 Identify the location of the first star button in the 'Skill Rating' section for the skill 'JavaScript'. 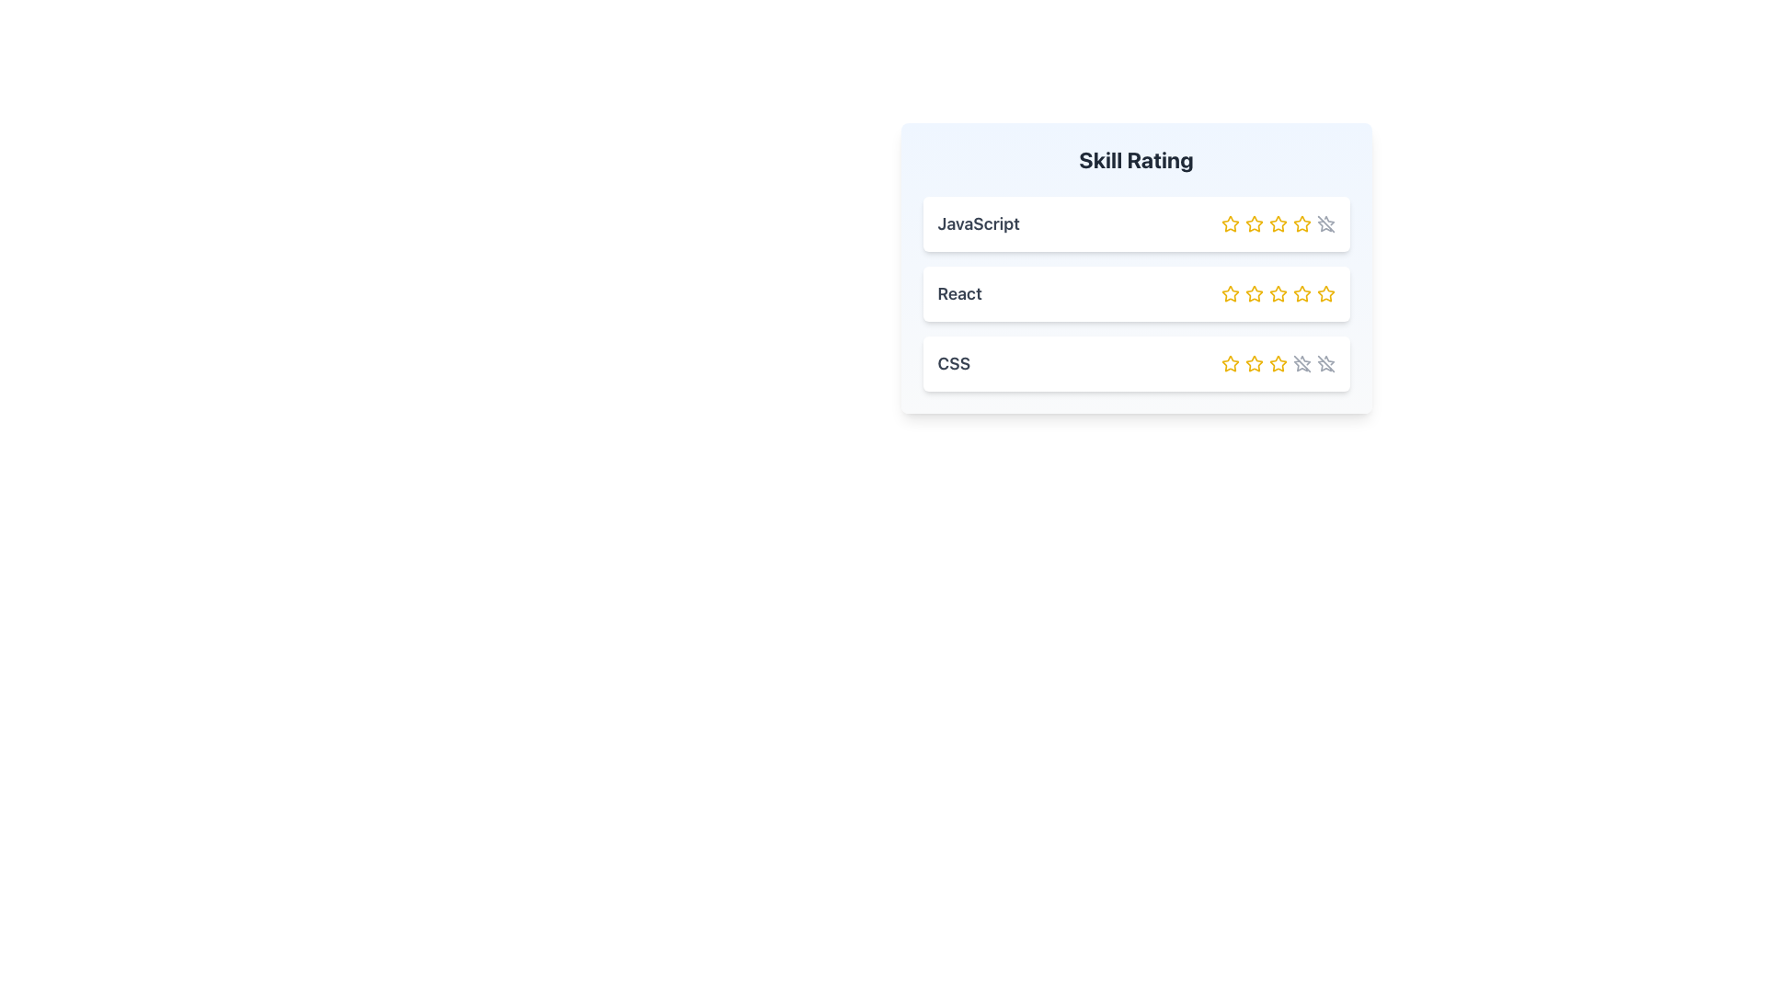
(1230, 223).